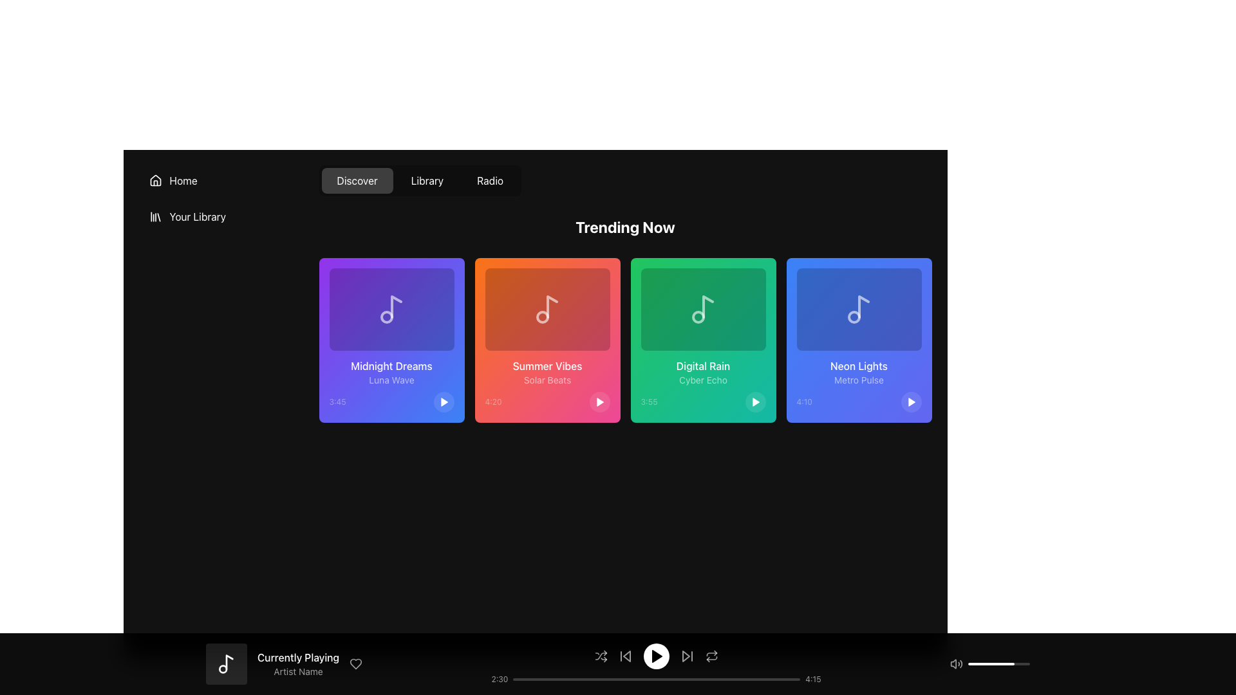  Describe the element at coordinates (707, 307) in the screenshot. I see `the music note icon located in the upper-right of the main circular element within the 'Digital Rain' card, which is the third card from the left in the 'Trending Now' section` at that location.